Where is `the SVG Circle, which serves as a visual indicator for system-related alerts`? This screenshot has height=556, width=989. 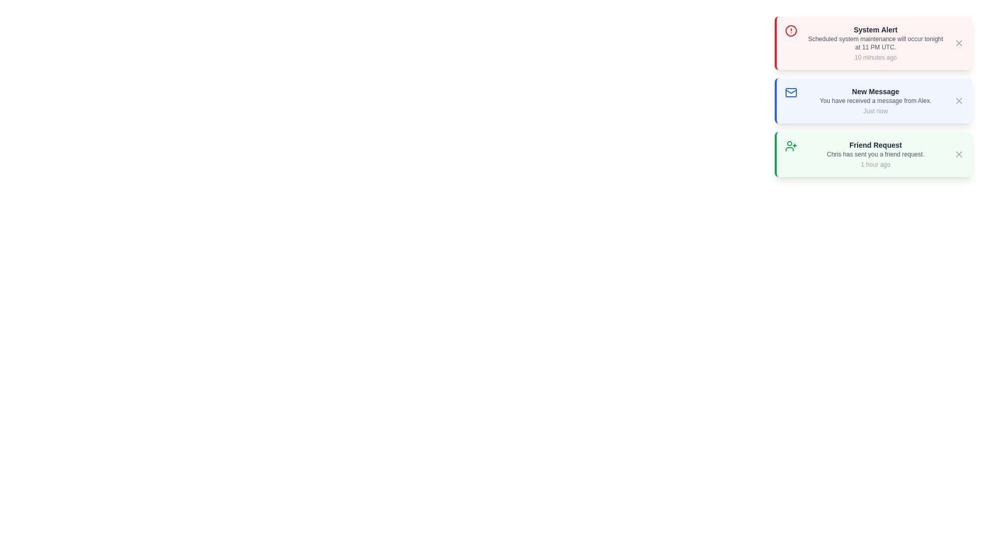
the SVG Circle, which serves as a visual indicator for system-related alerts is located at coordinates (791, 30).